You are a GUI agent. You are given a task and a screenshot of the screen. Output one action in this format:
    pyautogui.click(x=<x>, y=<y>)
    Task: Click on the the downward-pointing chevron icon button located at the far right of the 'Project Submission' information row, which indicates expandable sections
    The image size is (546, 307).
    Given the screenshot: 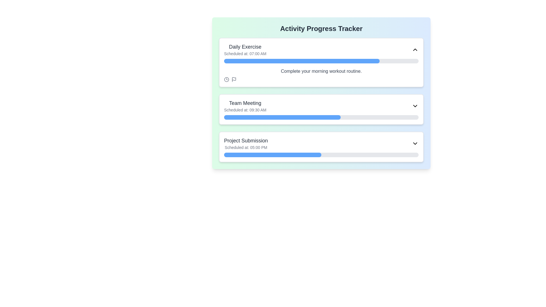 What is the action you would take?
    pyautogui.click(x=415, y=143)
    